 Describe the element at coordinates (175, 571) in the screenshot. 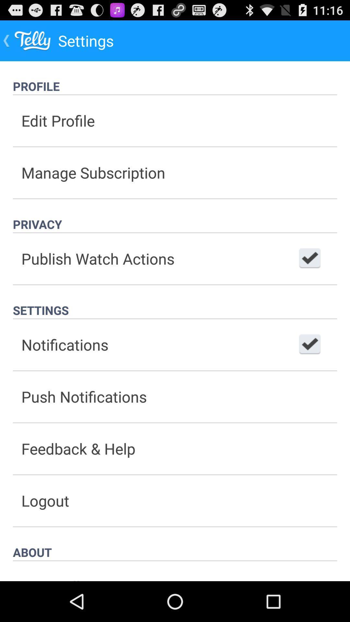

I see `rate telly item` at that location.